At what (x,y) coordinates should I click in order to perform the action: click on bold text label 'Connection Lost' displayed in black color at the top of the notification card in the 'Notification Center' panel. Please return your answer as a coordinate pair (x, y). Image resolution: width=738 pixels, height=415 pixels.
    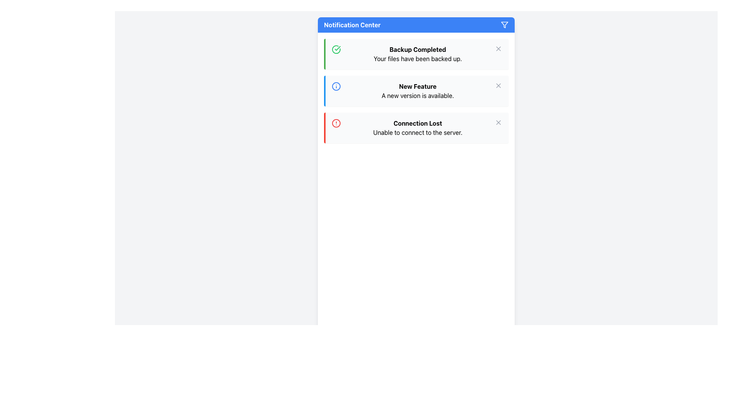
    Looking at the image, I should click on (417, 123).